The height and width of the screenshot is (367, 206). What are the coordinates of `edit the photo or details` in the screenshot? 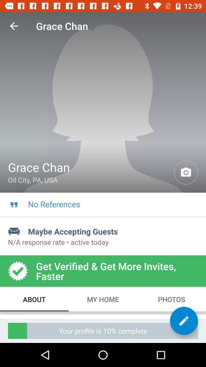 It's located at (183, 321).